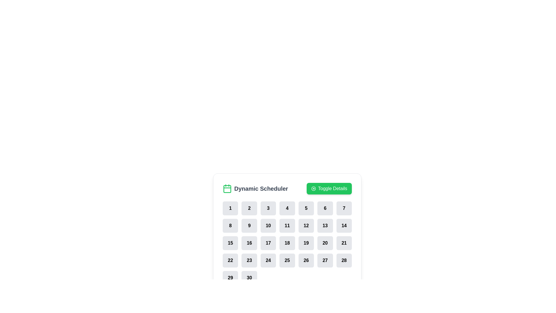 The width and height of the screenshot is (556, 313). Describe the element at coordinates (249, 243) in the screenshot. I see `the interactive day selector button for day '16' in the calendar UI` at that location.